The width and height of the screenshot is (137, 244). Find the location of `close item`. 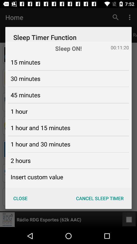

close item is located at coordinates (20, 198).